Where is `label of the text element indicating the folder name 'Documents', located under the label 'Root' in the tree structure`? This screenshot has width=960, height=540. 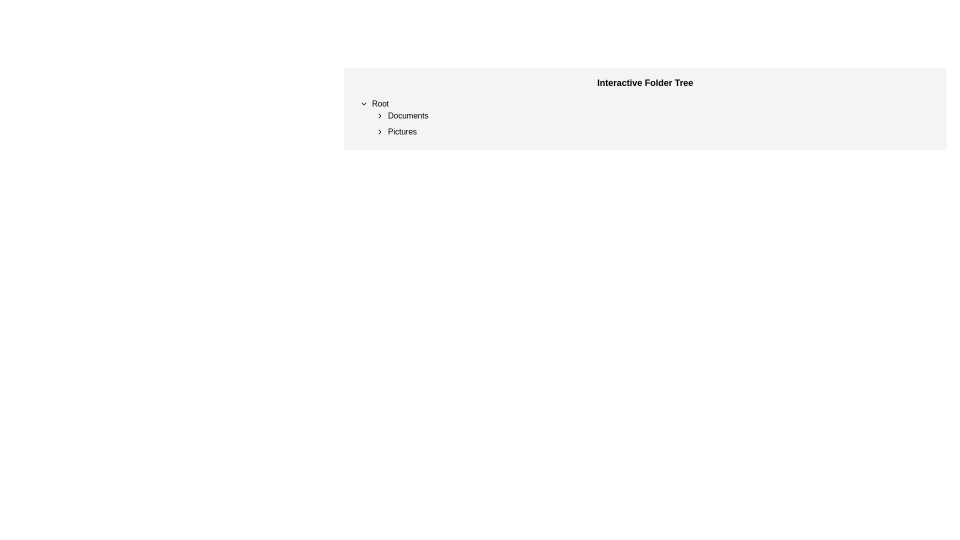 label of the text element indicating the folder name 'Documents', located under the label 'Root' in the tree structure is located at coordinates (408, 115).